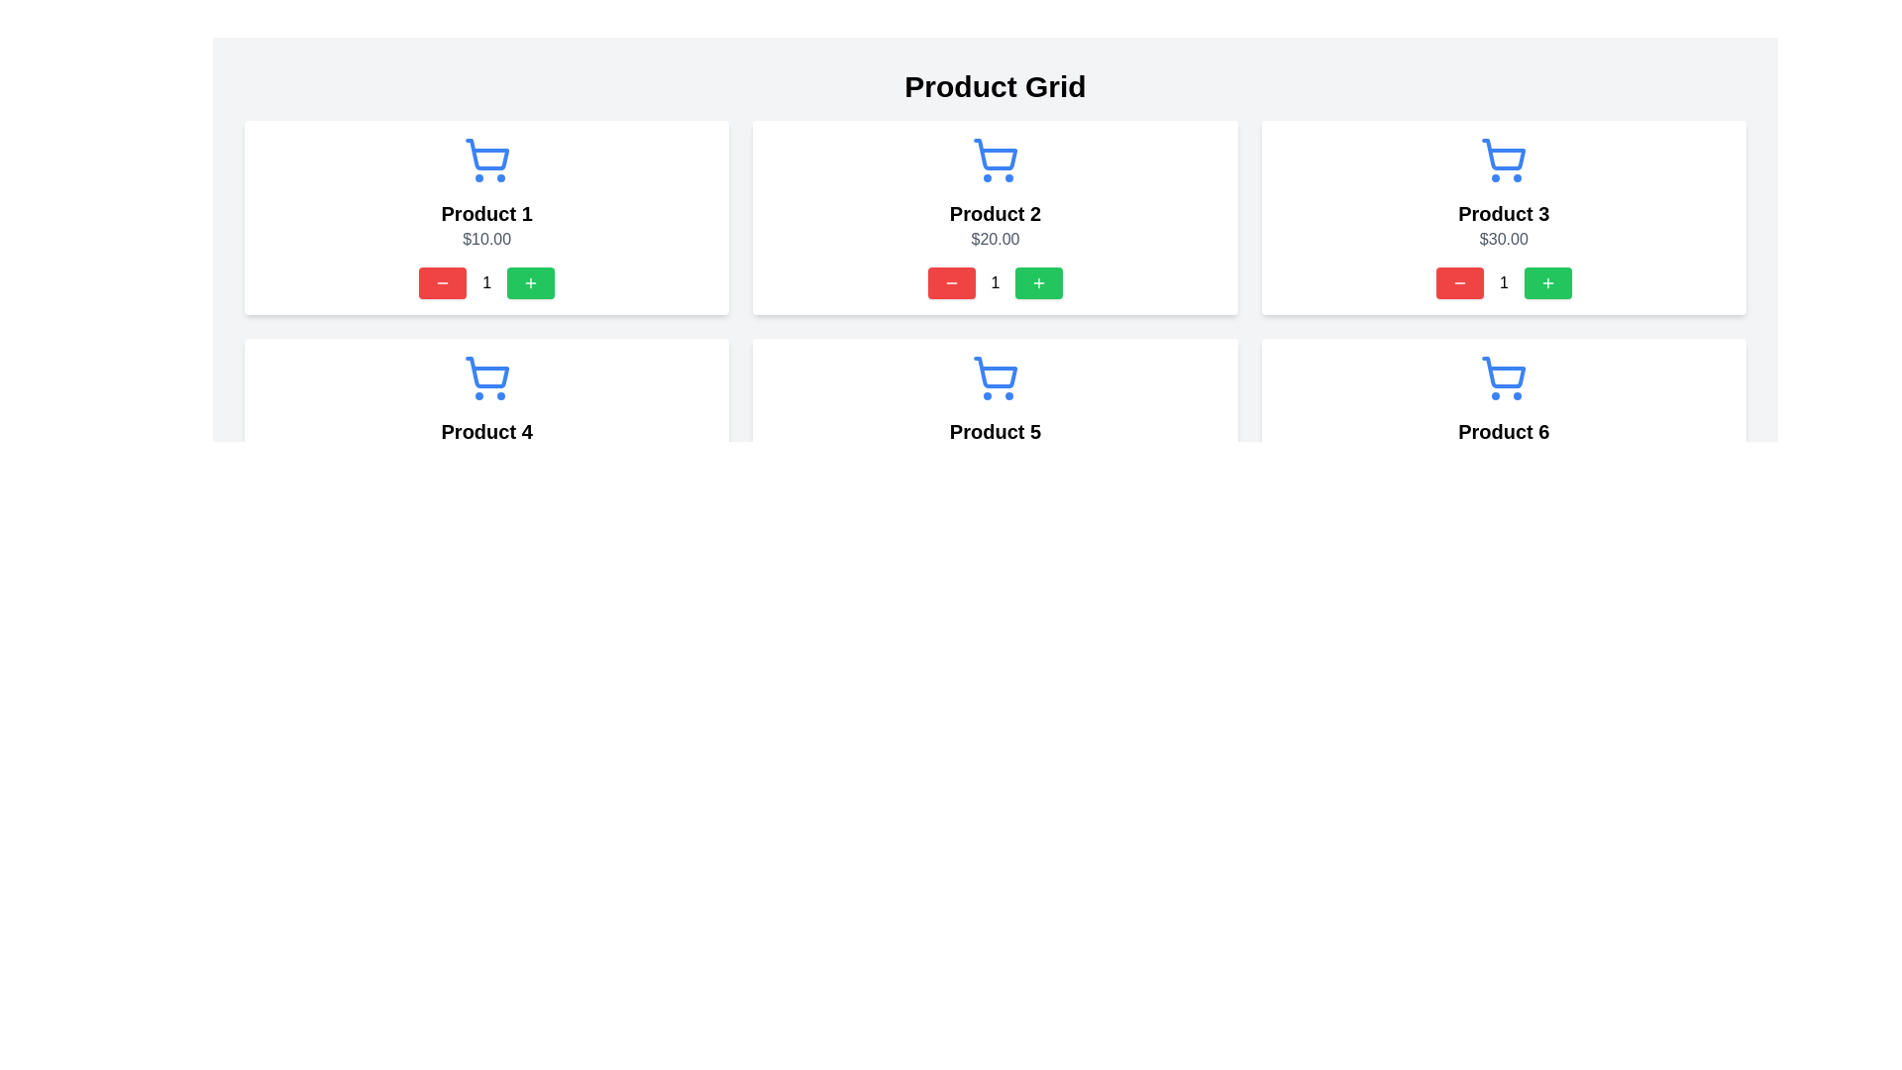 The height and width of the screenshot is (1070, 1902). I want to click on the static text label displaying the price of 'Product 1', located beneath the title and above the quantity adjustment buttons in the first product card, so click(486, 239).